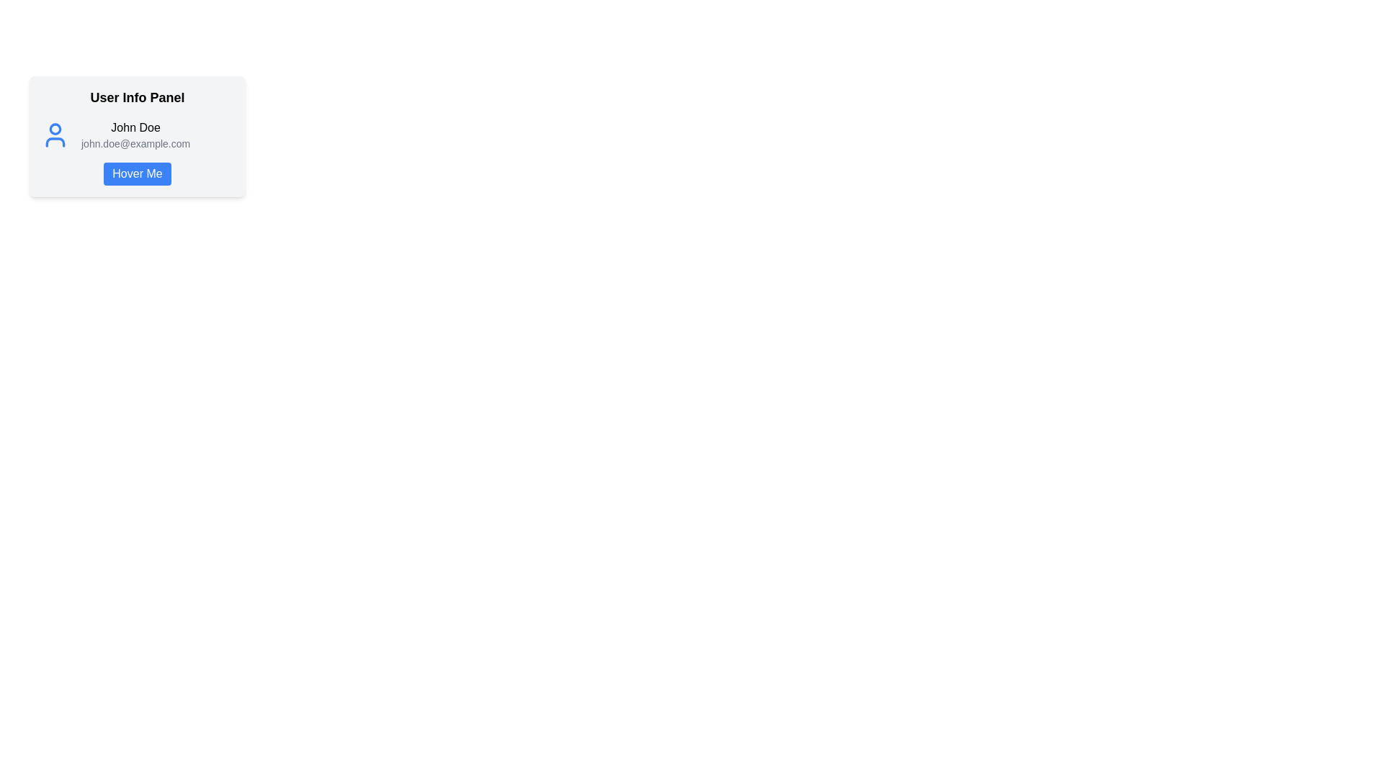  What do you see at coordinates (138, 136) in the screenshot?
I see `the user icon in the Information panel` at bounding box center [138, 136].